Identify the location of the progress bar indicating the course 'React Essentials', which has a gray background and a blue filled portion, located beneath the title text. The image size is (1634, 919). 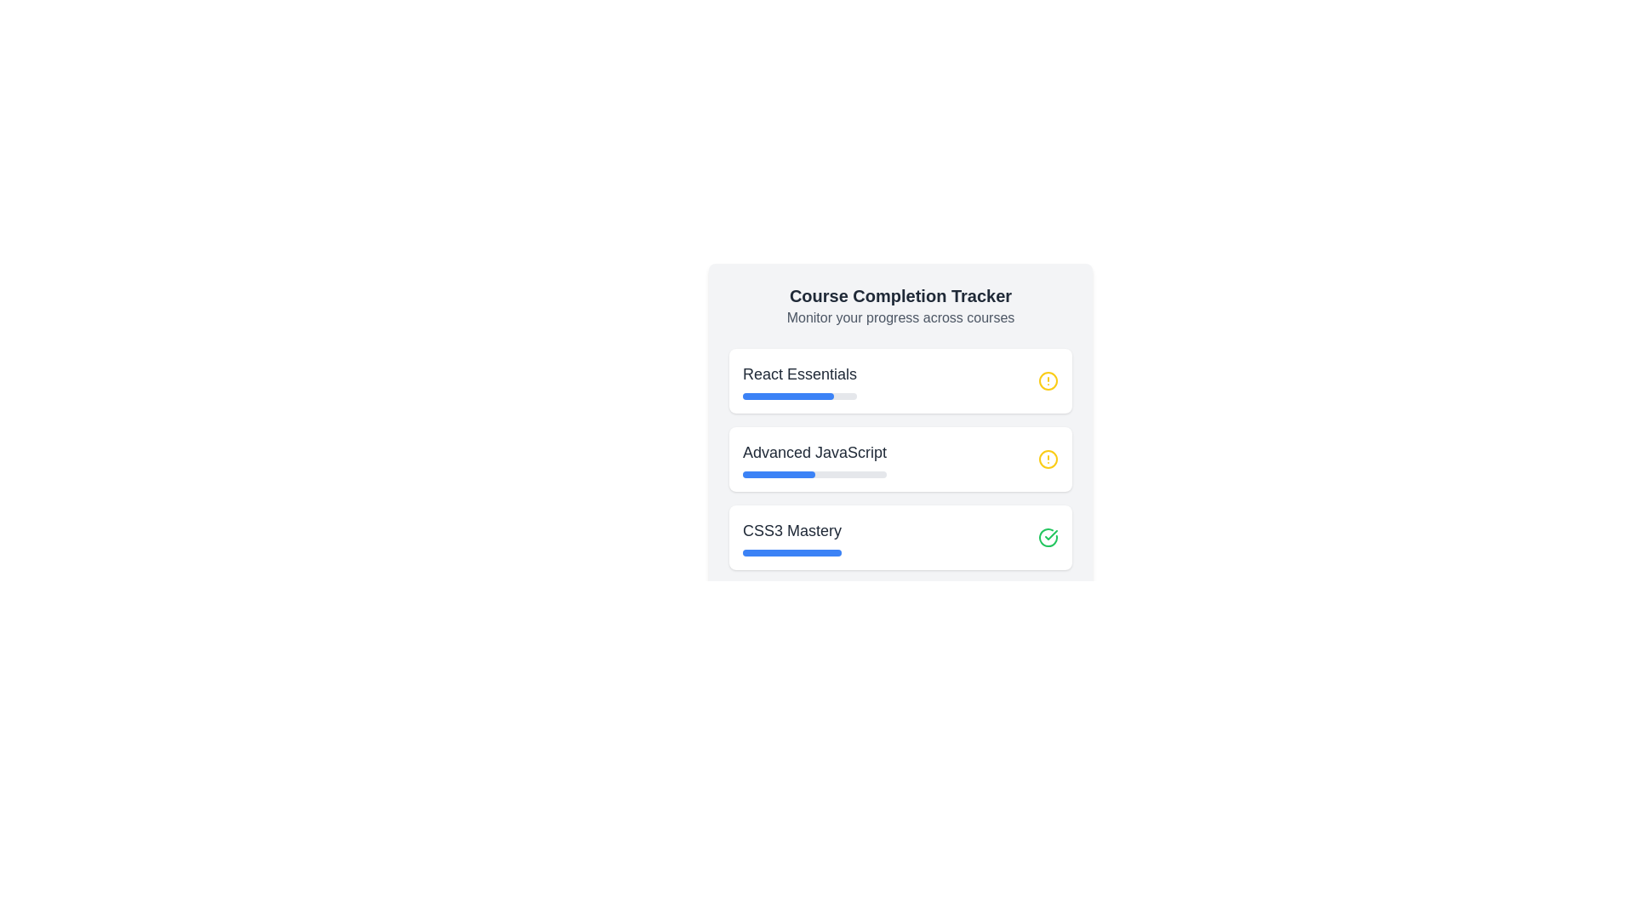
(799, 397).